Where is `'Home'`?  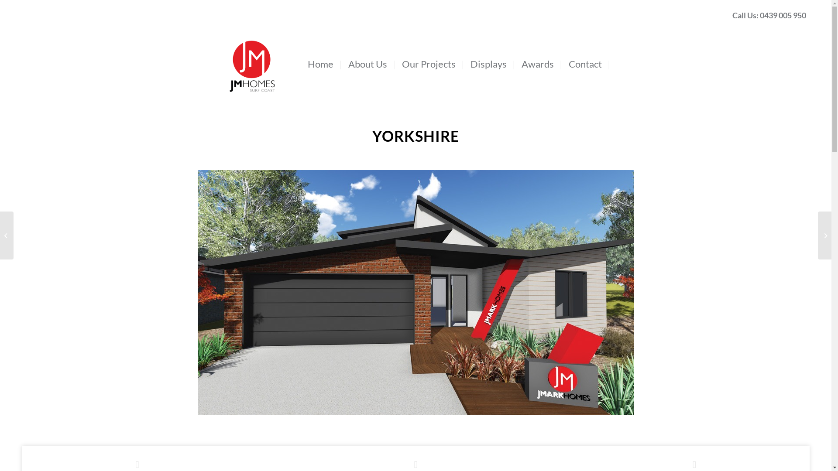
'Home' is located at coordinates (321, 63).